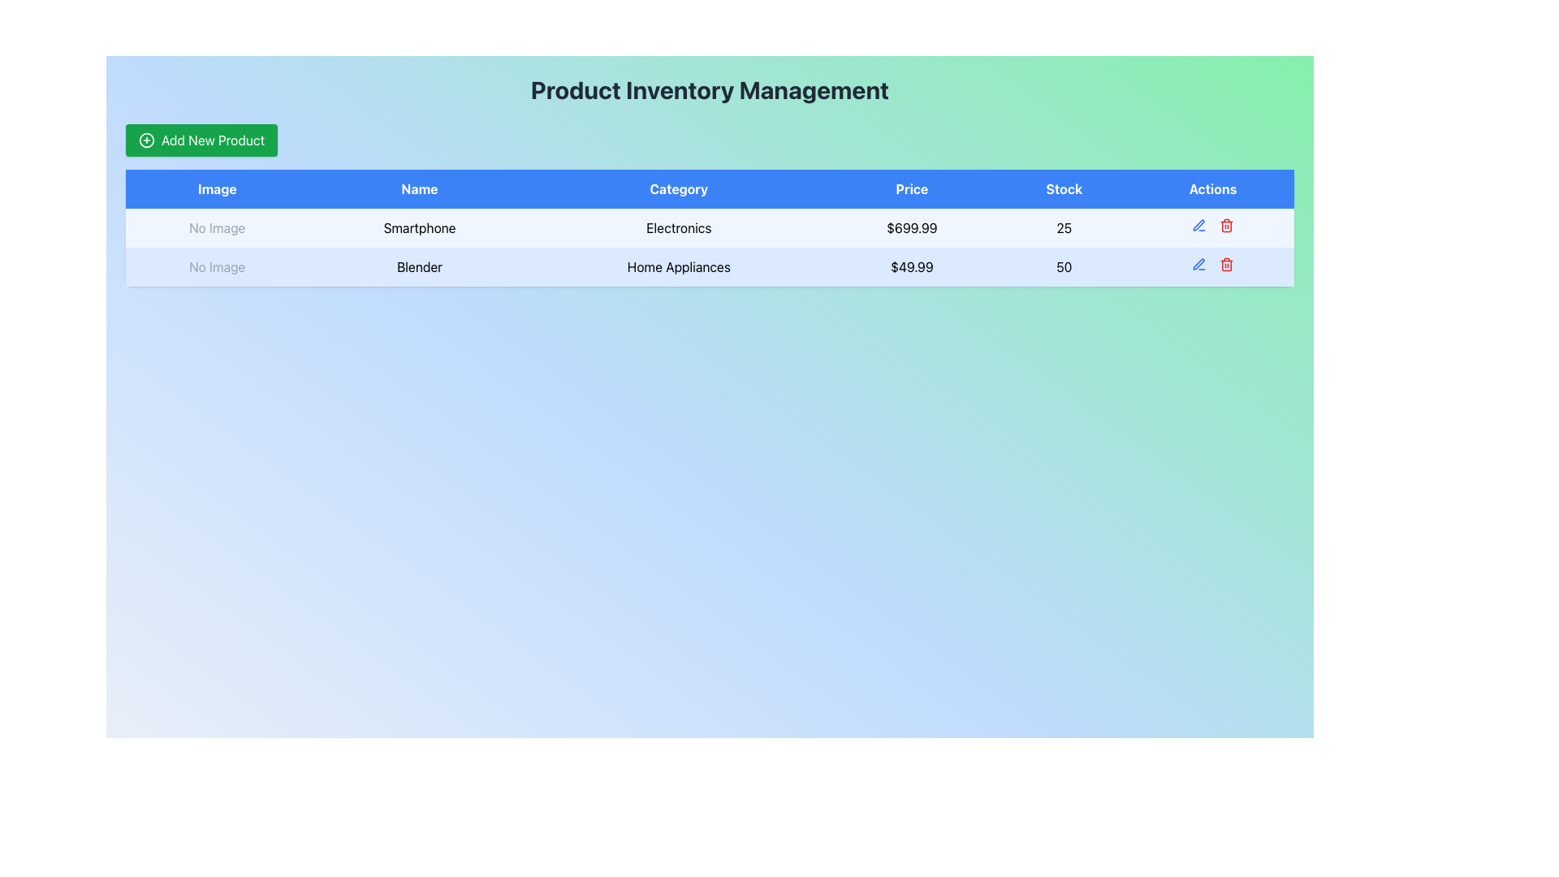 The width and height of the screenshot is (1559, 877). I want to click on the 'Name' header label in the table which is positioned between the 'Image' and 'Category' headers, so click(420, 188).